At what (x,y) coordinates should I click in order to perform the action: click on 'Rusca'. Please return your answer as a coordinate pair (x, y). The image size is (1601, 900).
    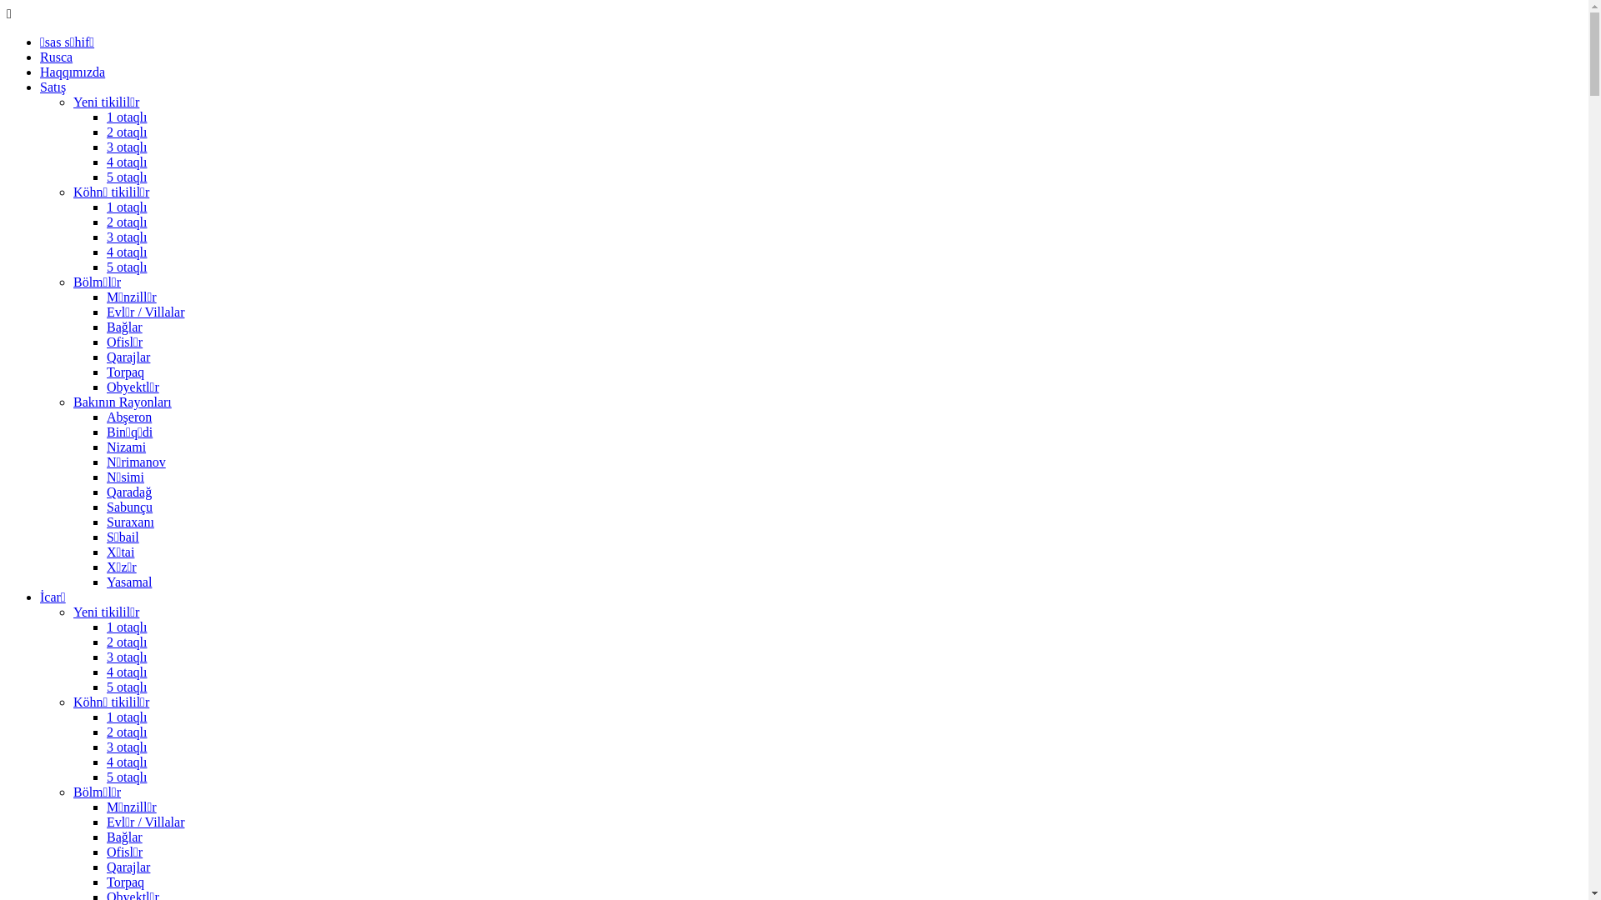
    Looking at the image, I should click on (56, 56).